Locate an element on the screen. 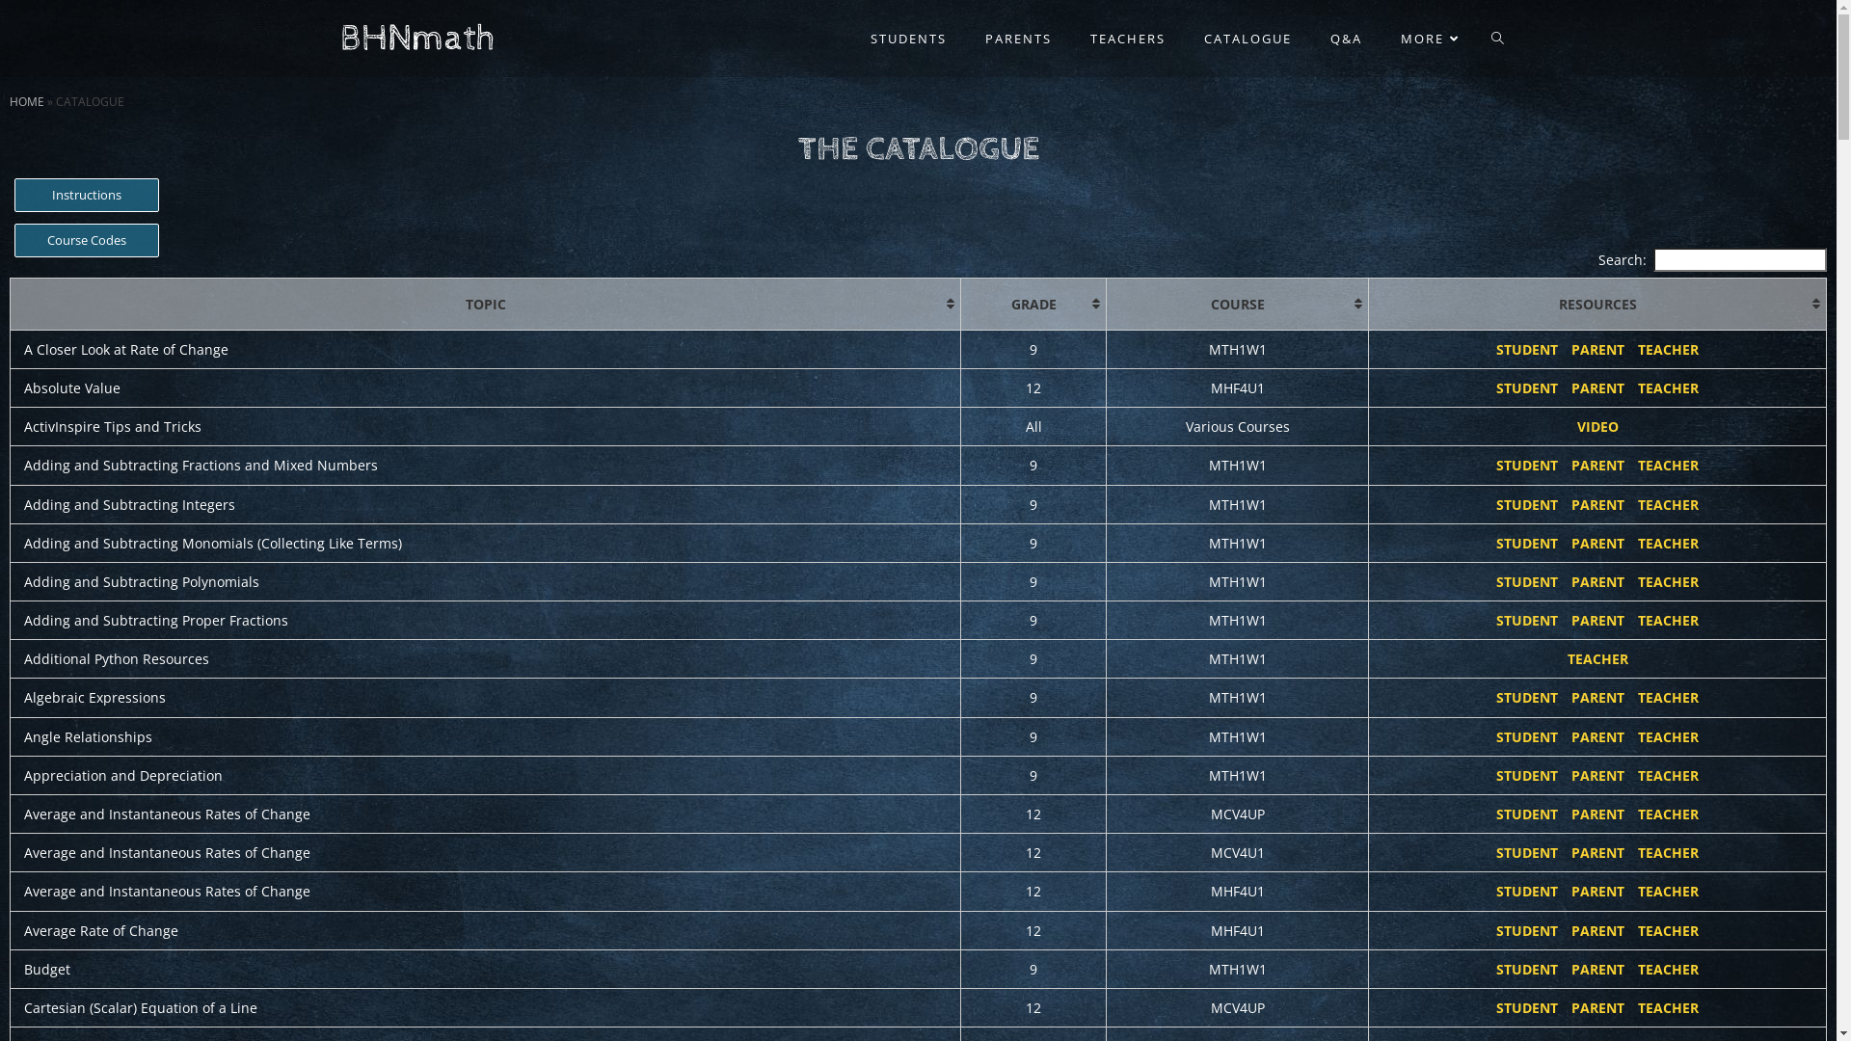 Image resolution: width=1851 pixels, height=1041 pixels. 'PARENT' is located at coordinates (1571, 349).